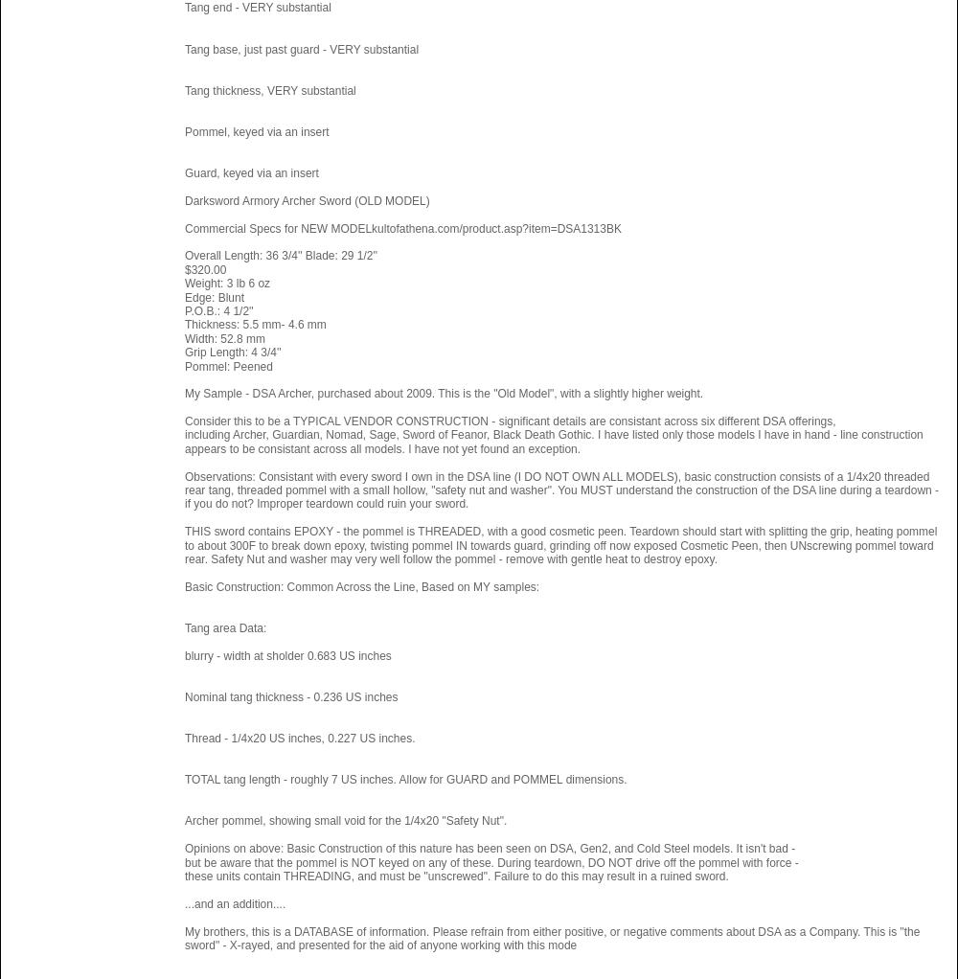 This screenshot has width=958, height=979. Describe the element at coordinates (490, 847) in the screenshot. I see `'Opinions on above: Basic Construction of this nature has been seen on DSA, Gen2, and Cold Steel models. It isn't bad -'` at that location.